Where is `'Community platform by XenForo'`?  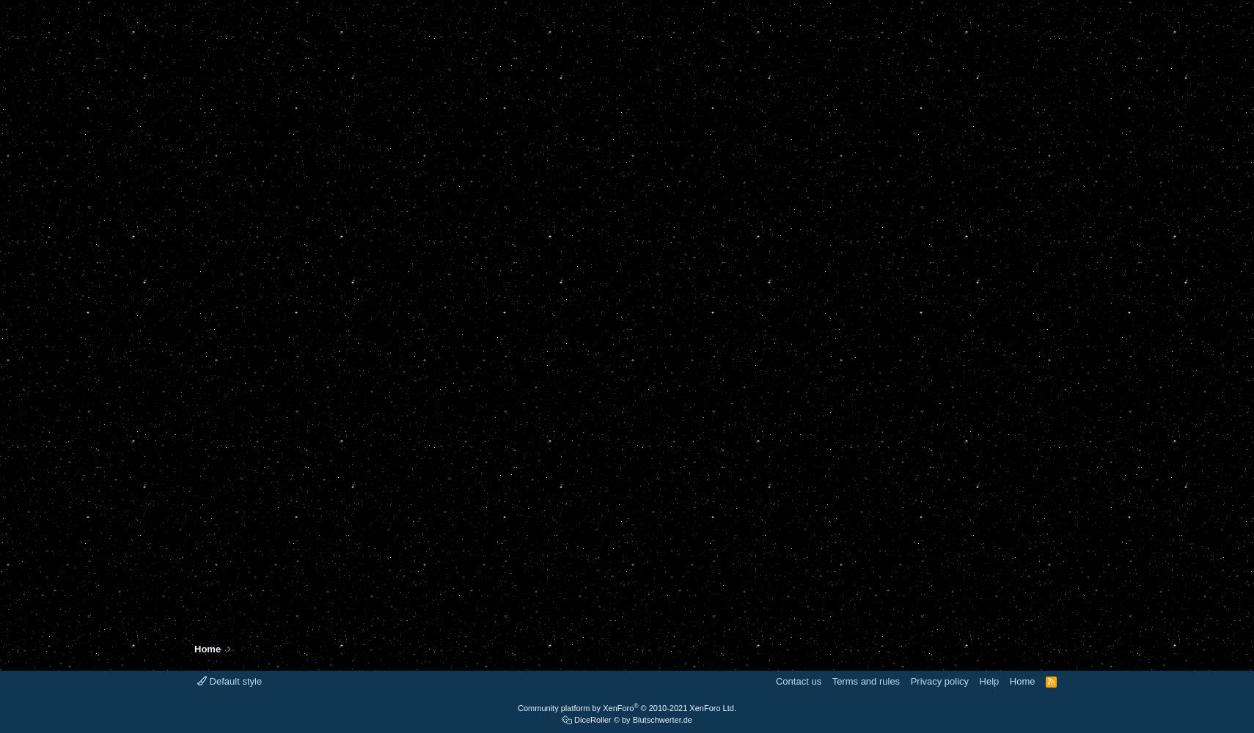
'Community platform by XenForo' is located at coordinates (576, 707).